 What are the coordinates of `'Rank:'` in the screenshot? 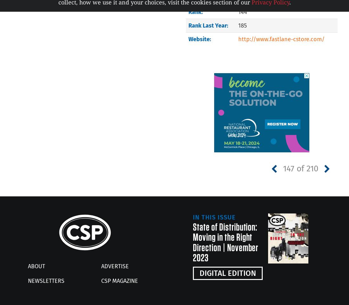 It's located at (195, 11).